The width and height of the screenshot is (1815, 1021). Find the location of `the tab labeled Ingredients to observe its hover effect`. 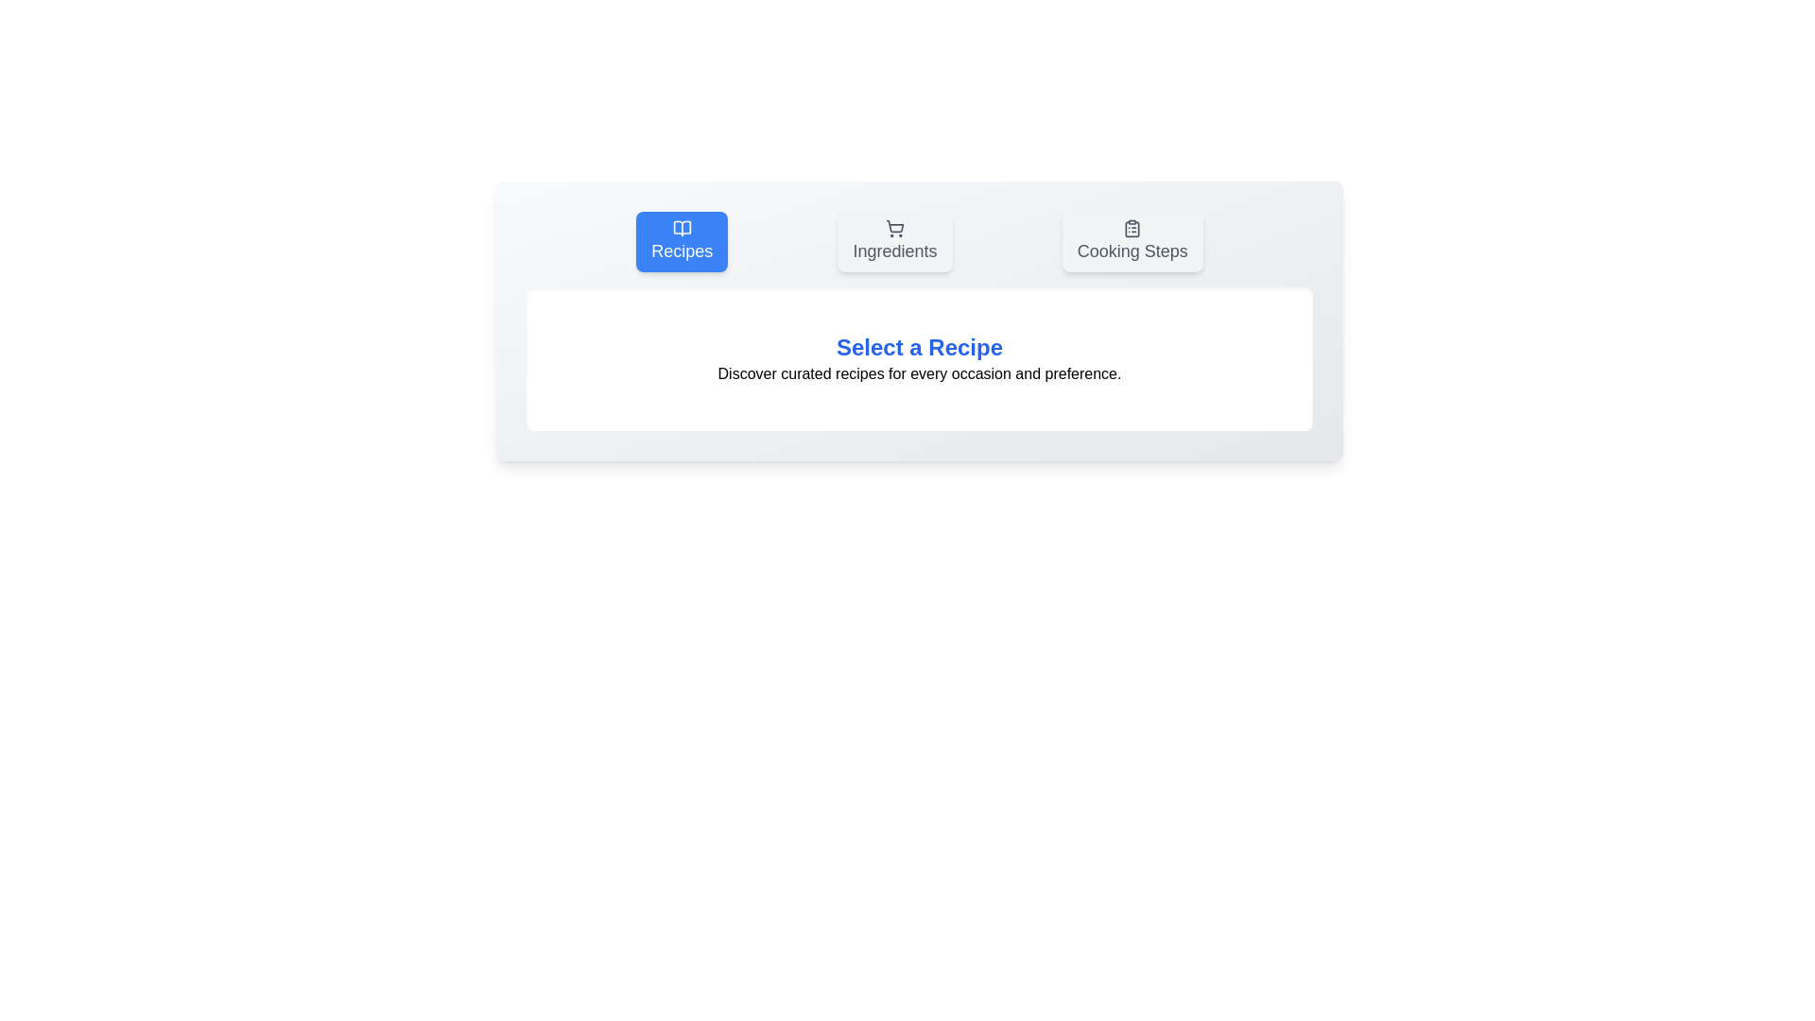

the tab labeled Ingredients to observe its hover effect is located at coordinates (893, 240).